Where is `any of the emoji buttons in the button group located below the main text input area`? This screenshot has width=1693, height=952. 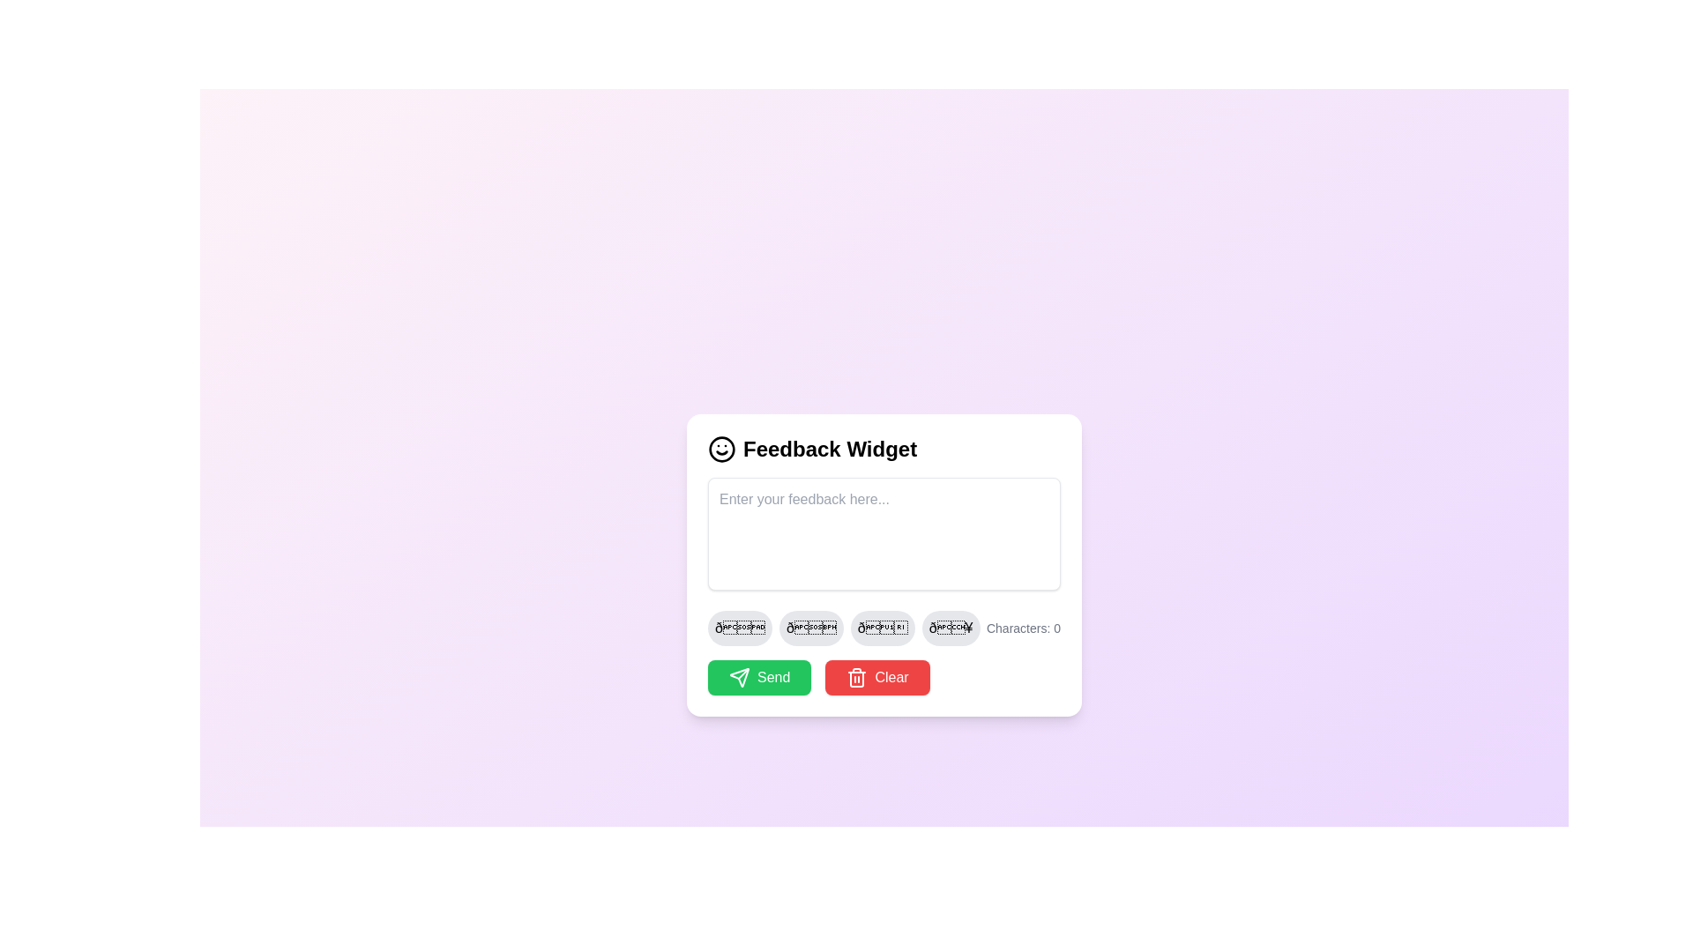 any of the emoji buttons in the button group located below the main text input area is located at coordinates (842, 627).